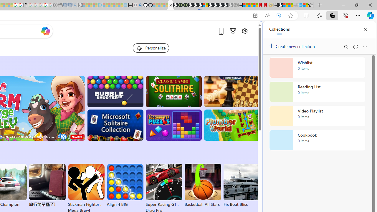 This screenshot has height=212, width=377. Describe the element at coordinates (317, 116) in the screenshot. I see `'Video Playlist collection, 0 items'` at that location.